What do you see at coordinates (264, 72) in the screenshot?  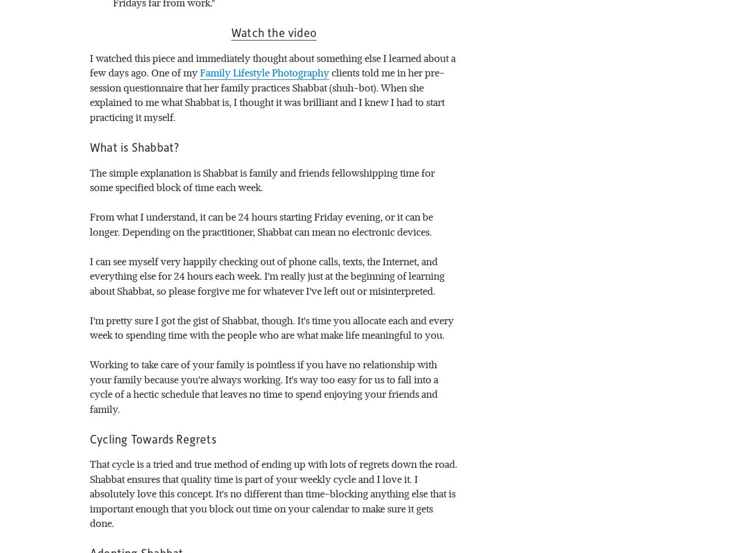 I see `'Family Lifestyle Photography'` at bounding box center [264, 72].